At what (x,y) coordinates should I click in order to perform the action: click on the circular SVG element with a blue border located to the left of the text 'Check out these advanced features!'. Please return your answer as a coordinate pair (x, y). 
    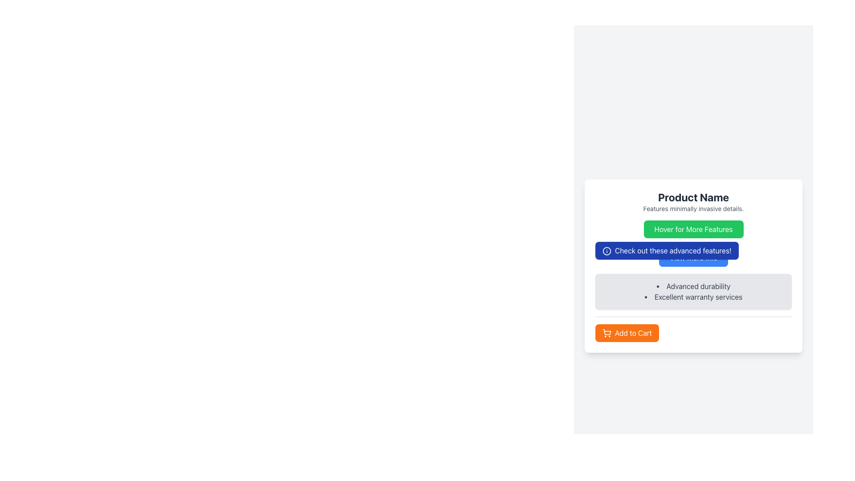
    Looking at the image, I should click on (607, 251).